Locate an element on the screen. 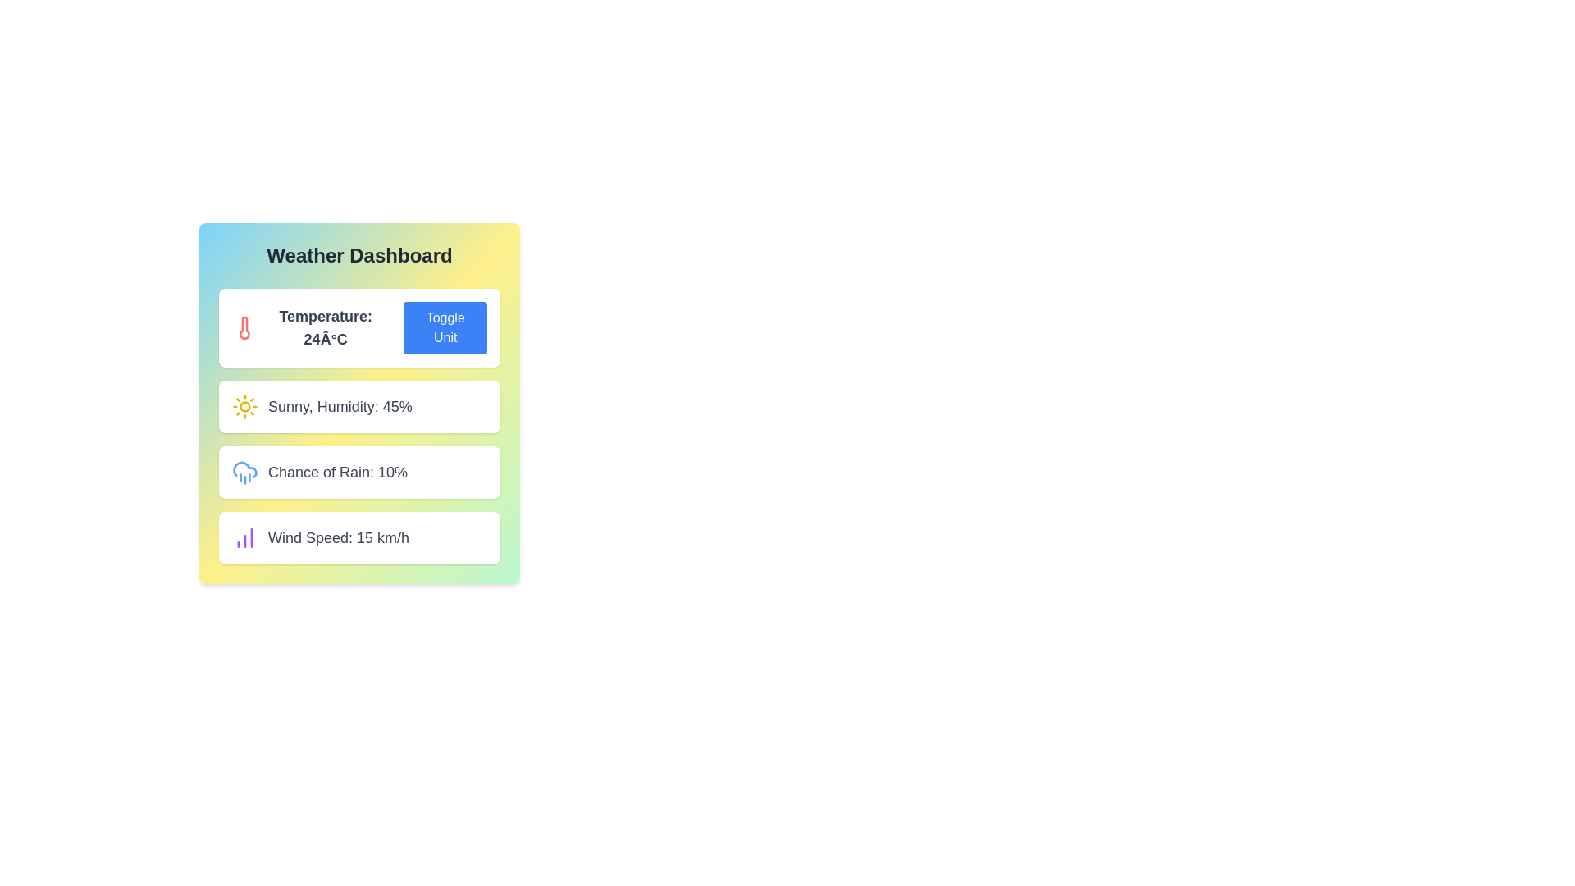 The height and width of the screenshot is (886, 1575). text of the title label at the top-center of the weather dashboard, which indicates the content below is located at coordinates (358, 256).